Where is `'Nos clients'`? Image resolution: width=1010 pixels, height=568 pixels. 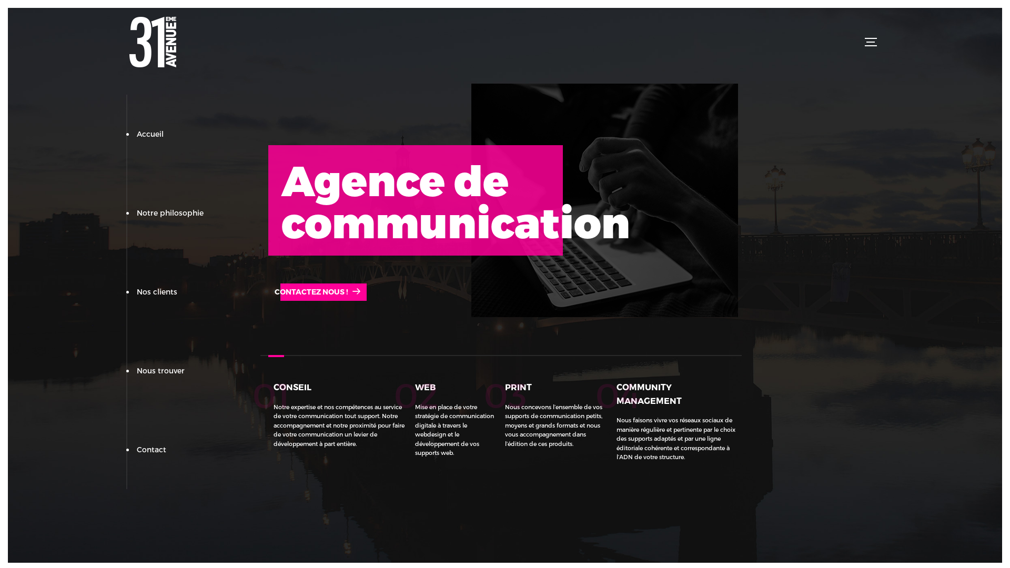 'Nos clients' is located at coordinates (156, 291).